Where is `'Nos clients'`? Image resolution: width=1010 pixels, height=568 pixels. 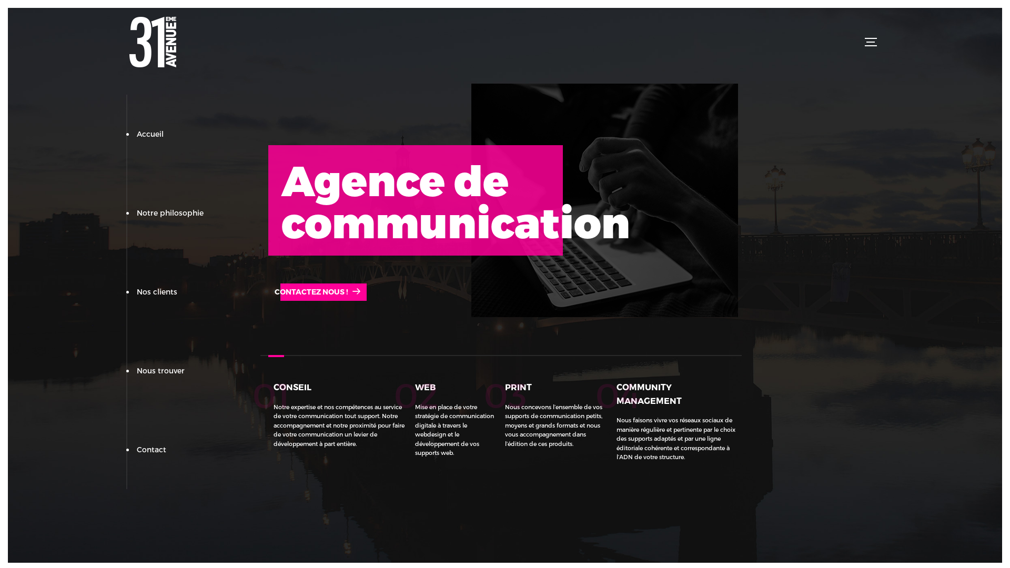 'Nos clients' is located at coordinates (156, 291).